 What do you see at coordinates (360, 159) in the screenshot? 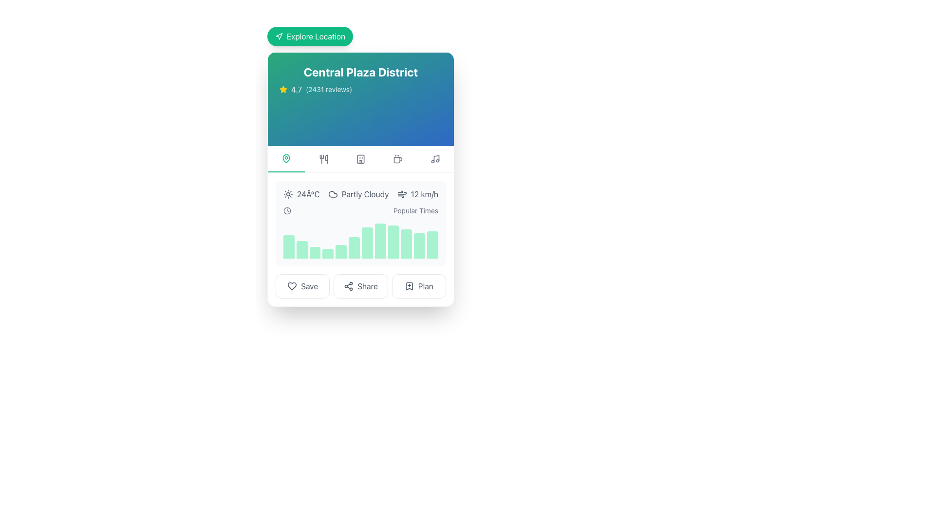
I see `the third icon from the left, located just below the 'Central Plaza District' title and rating section` at bounding box center [360, 159].